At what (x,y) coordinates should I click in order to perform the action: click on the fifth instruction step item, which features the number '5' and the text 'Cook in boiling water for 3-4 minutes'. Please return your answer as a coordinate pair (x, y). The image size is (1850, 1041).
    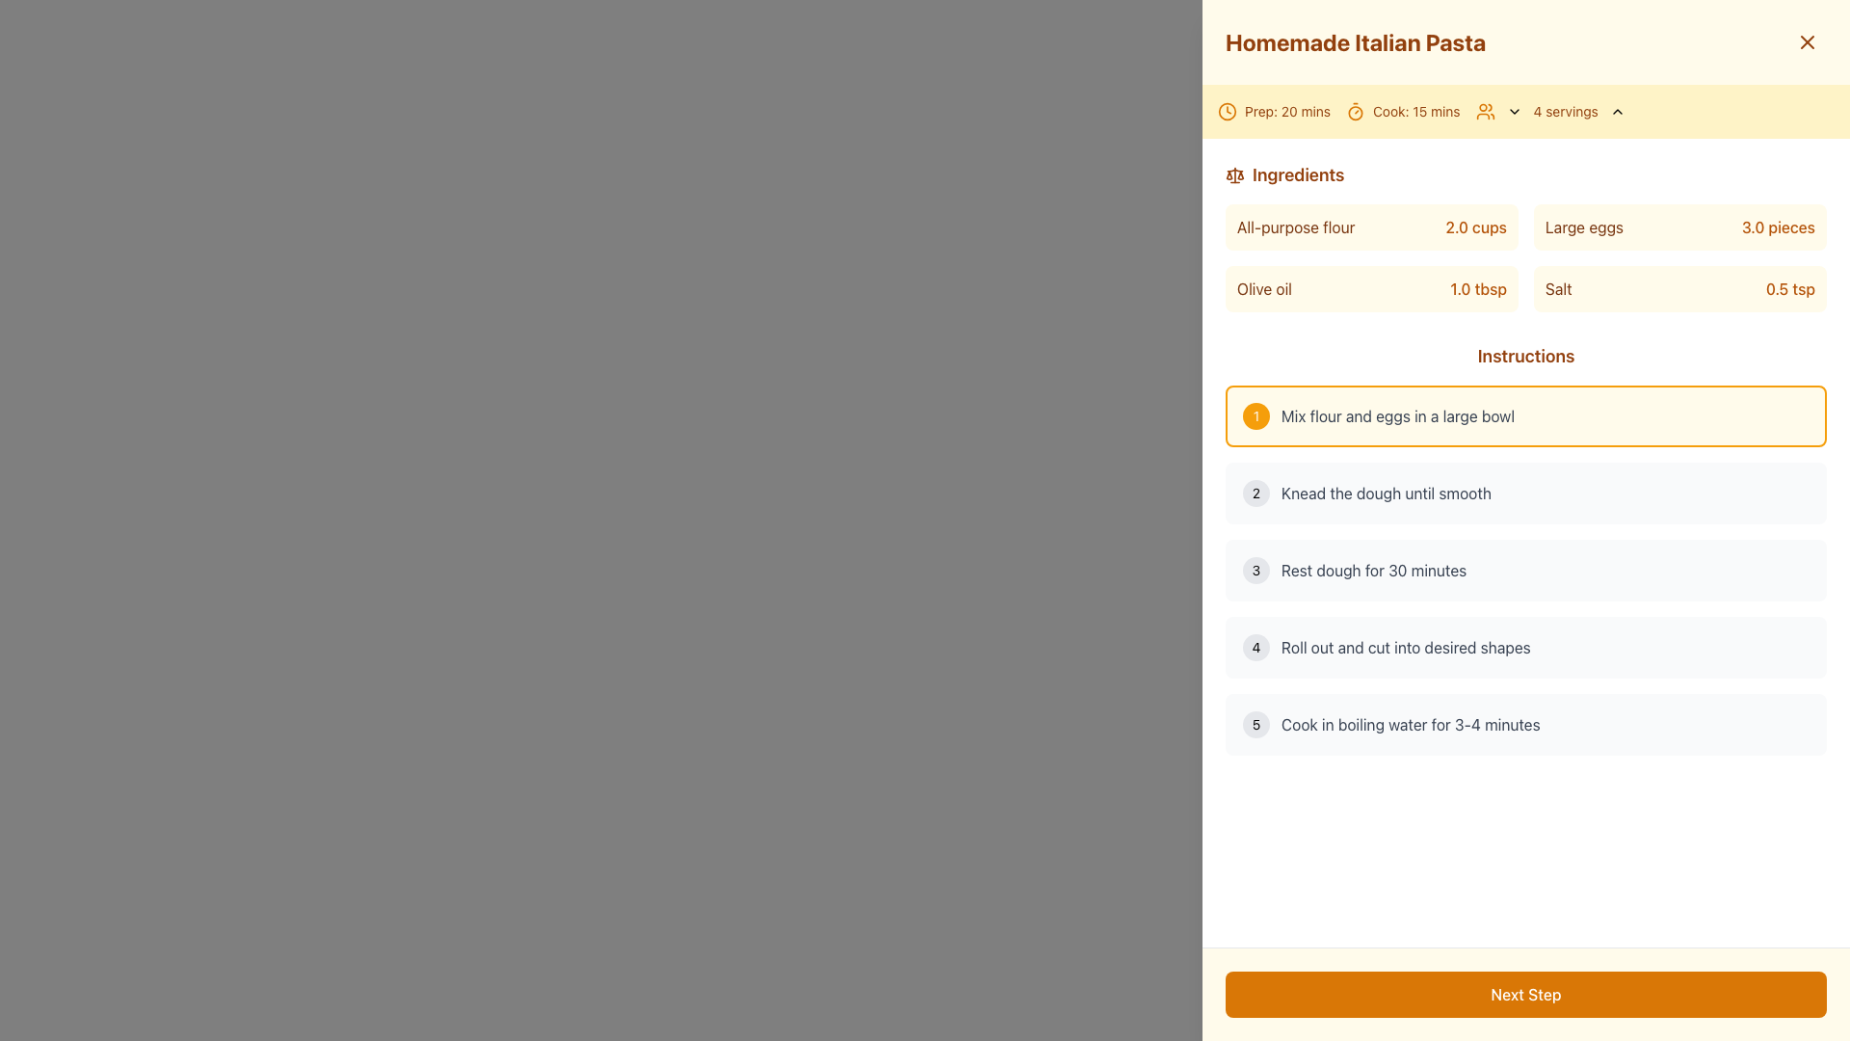
    Looking at the image, I should click on (1525, 725).